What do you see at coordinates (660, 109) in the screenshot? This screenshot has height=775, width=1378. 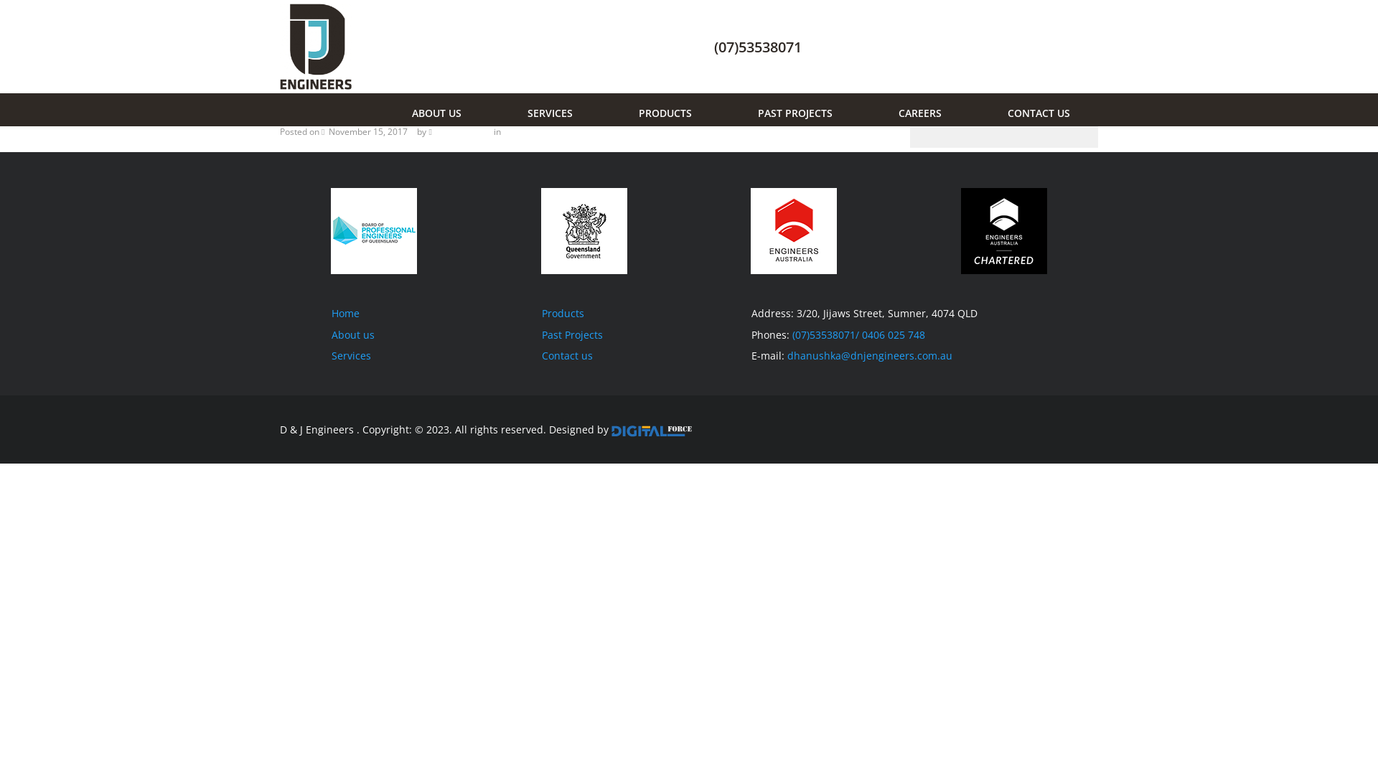 I see `'PRODUCTS'` at bounding box center [660, 109].